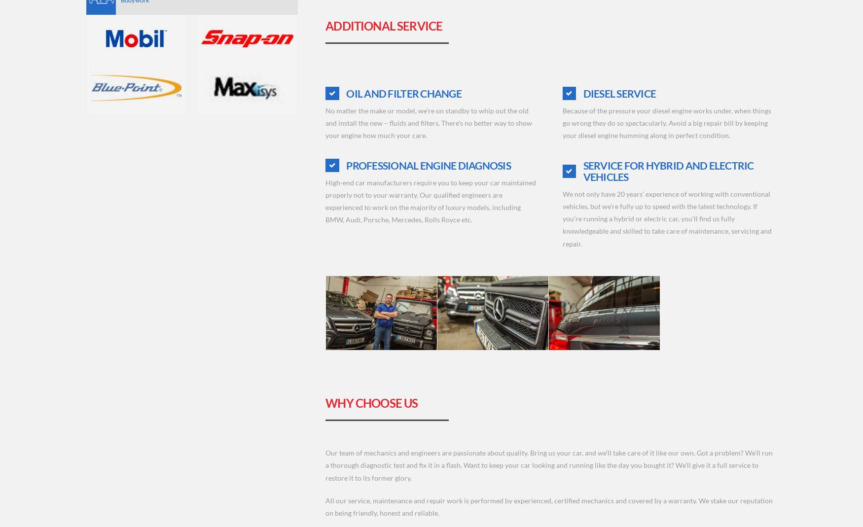 This screenshot has height=527, width=863. Describe the element at coordinates (561, 217) in the screenshot. I see `'We not only have 20 years’ experience of working with conventional vehicles, but we’re fully up to speed with the latest technology. If you’re running a hybrid or electric car, you’ll find us fully knowledgeable and skilled to take care of maintenance, servicing and repair.'` at that location.